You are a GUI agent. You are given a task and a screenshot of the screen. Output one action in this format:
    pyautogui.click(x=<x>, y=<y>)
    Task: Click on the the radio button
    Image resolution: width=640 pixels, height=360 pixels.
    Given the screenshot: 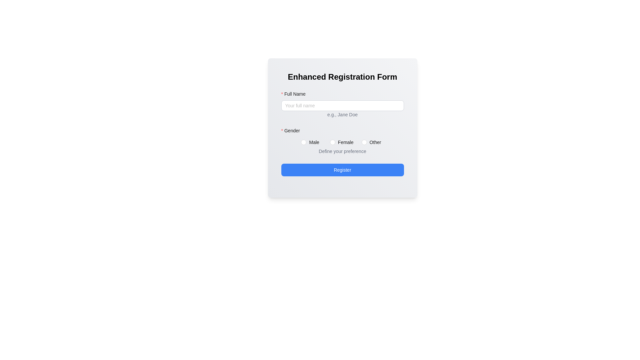 What is the action you would take?
    pyautogui.click(x=342, y=142)
    